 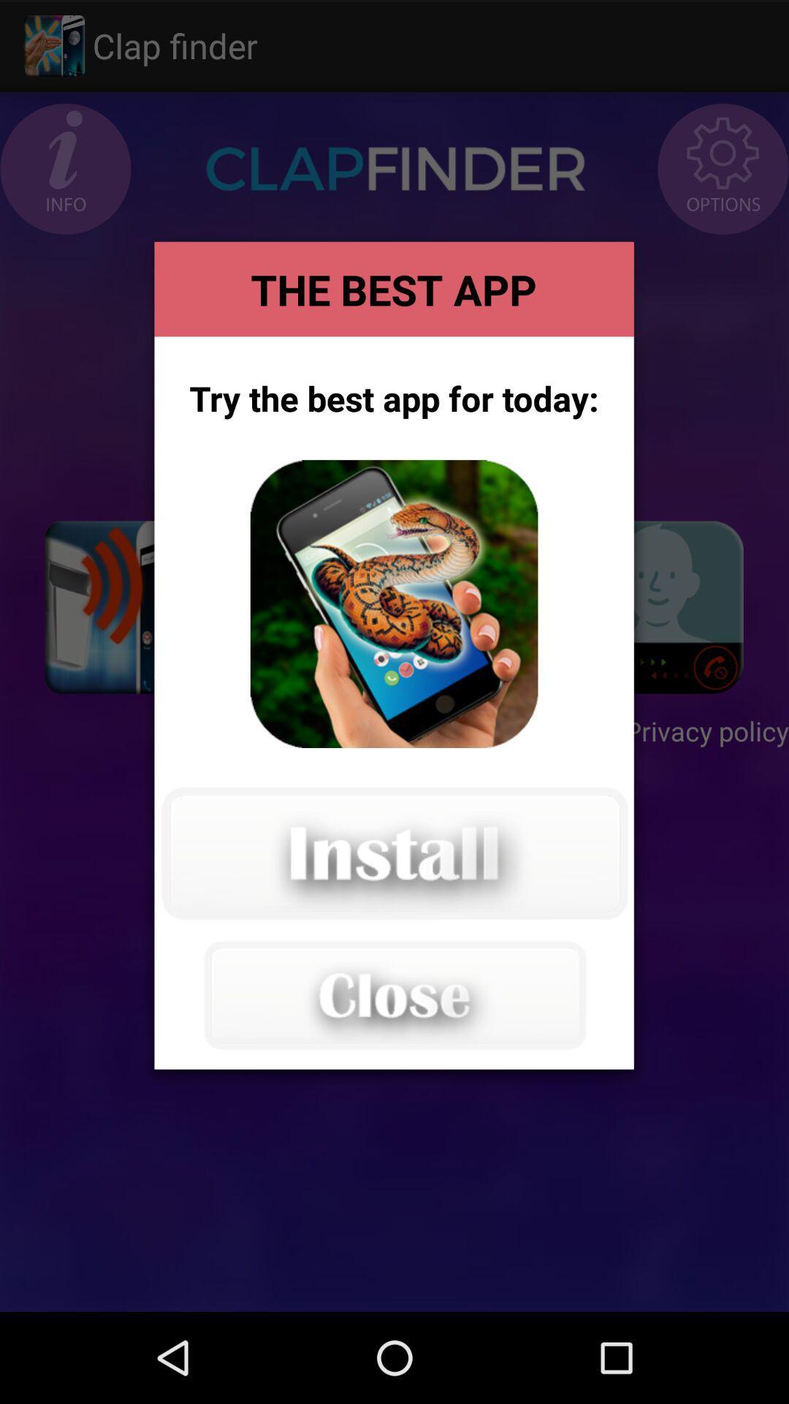 I want to click on click icon for more information, so click(x=393, y=604).